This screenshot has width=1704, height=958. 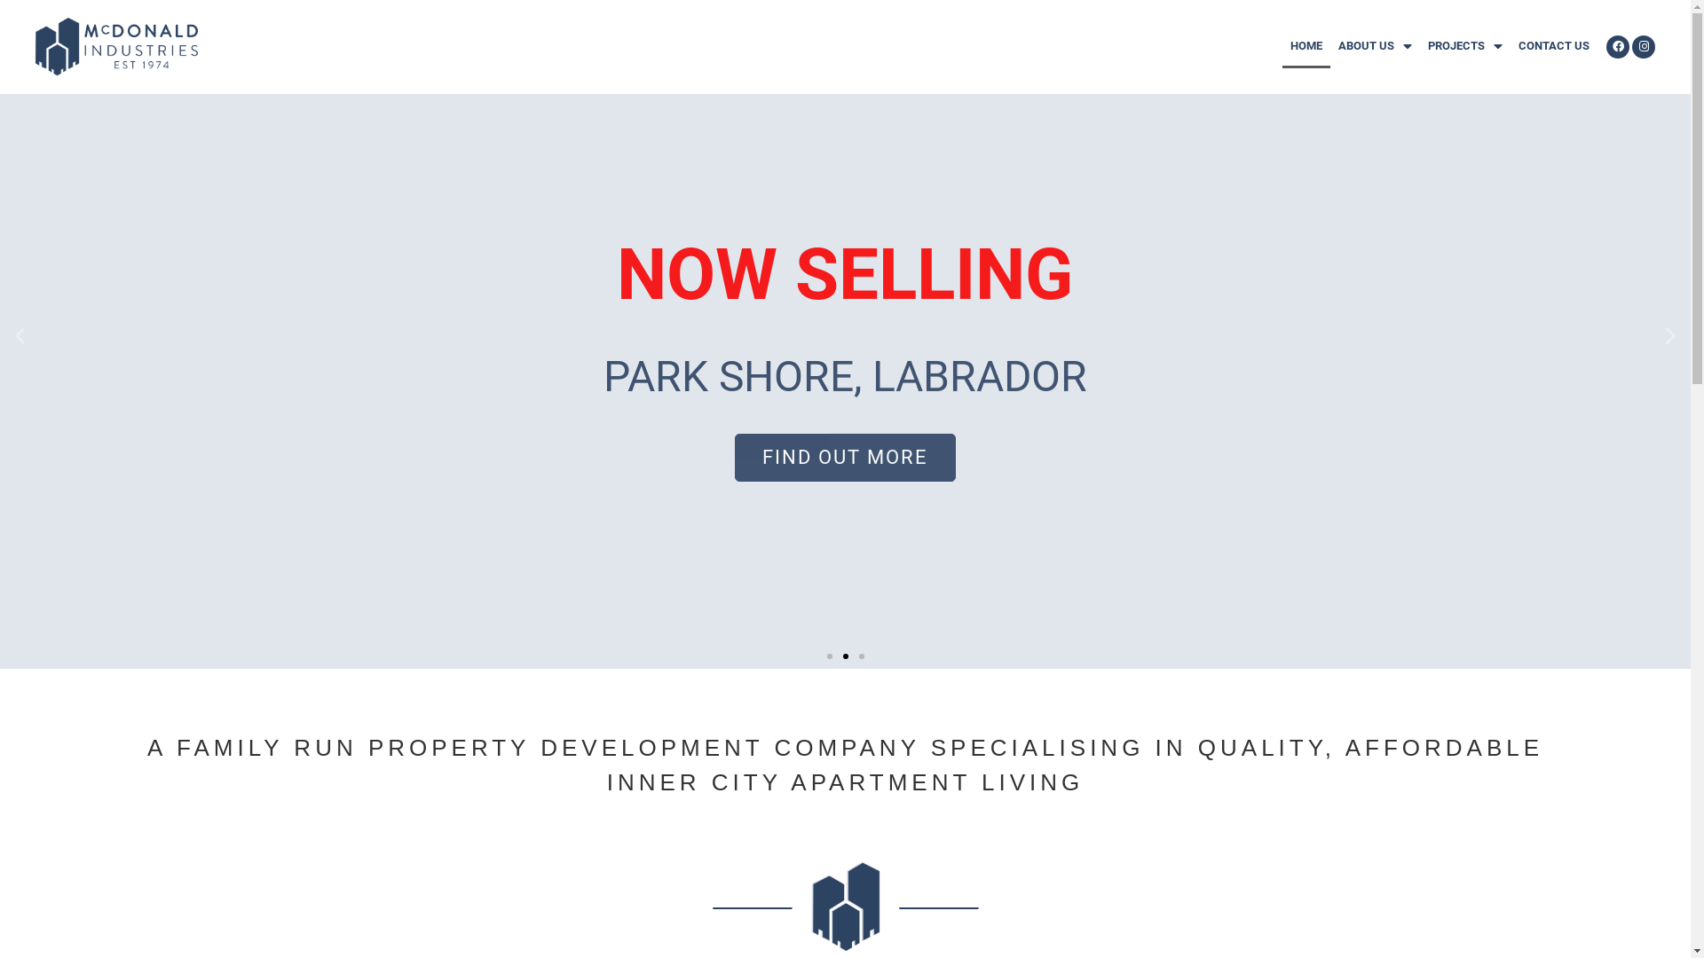 What do you see at coordinates (1465, 45) in the screenshot?
I see `'PROJECTS'` at bounding box center [1465, 45].